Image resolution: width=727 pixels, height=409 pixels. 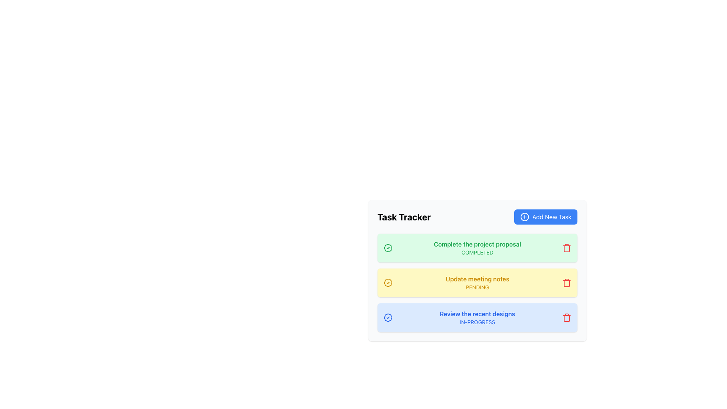 What do you see at coordinates (546, 217) in the screenshot?
I see `the blue button with rounded corners that contains a plus sign icon and the text 'Add New Task'` at bounding box center [546, 217].